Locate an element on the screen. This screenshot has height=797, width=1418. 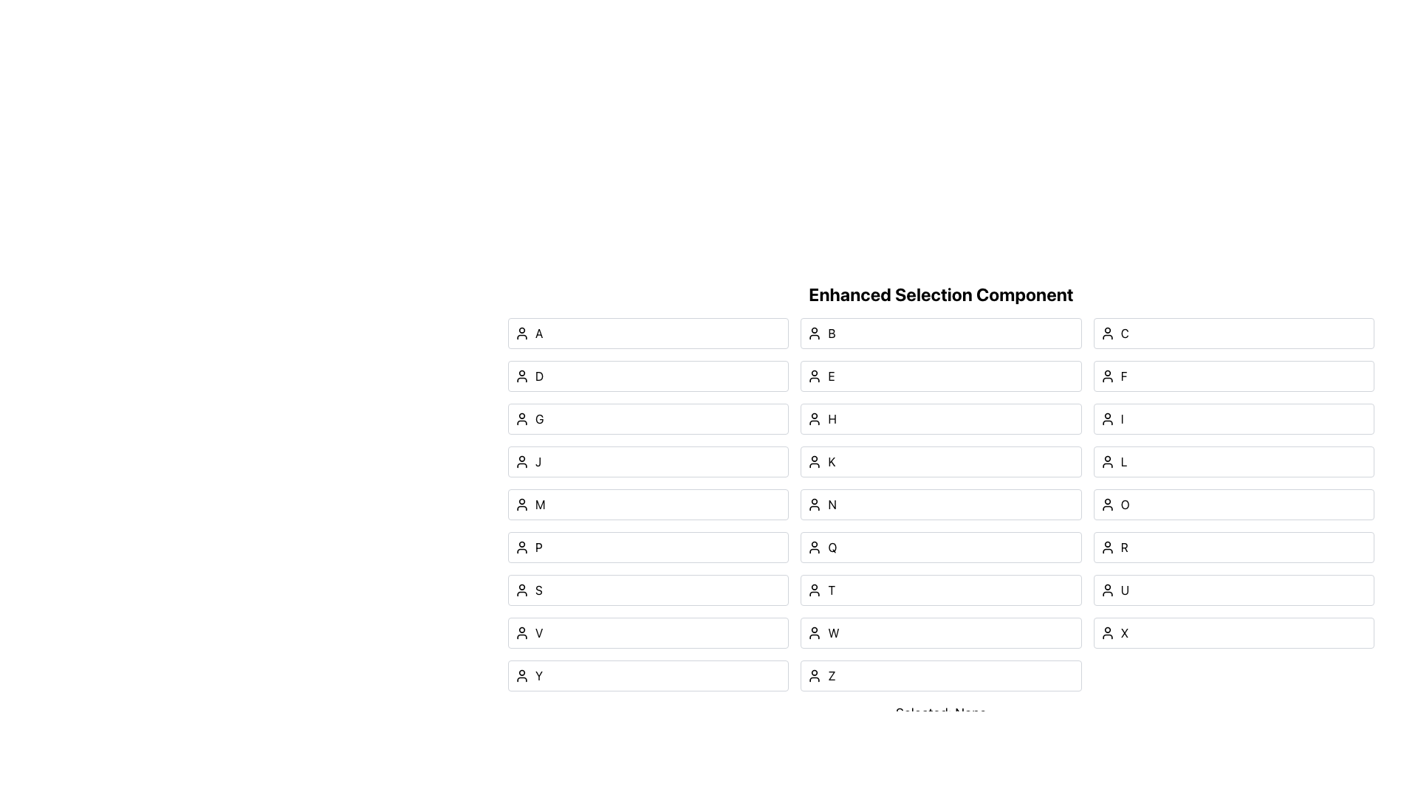
the user silhouette icon within the button labeled 'C' located in the top-right corner of the grid layout is located at coordinates (1107, 333).